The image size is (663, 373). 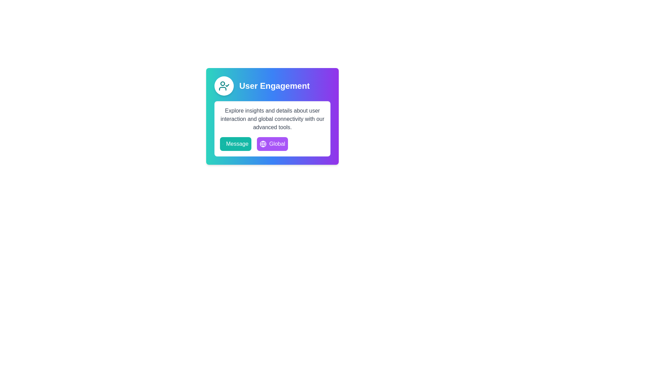 I want to click on the globe icon located to the left of the 'Global' text within the Global button in the bottom-right area of the user card interface, so click(x=262, y=143).